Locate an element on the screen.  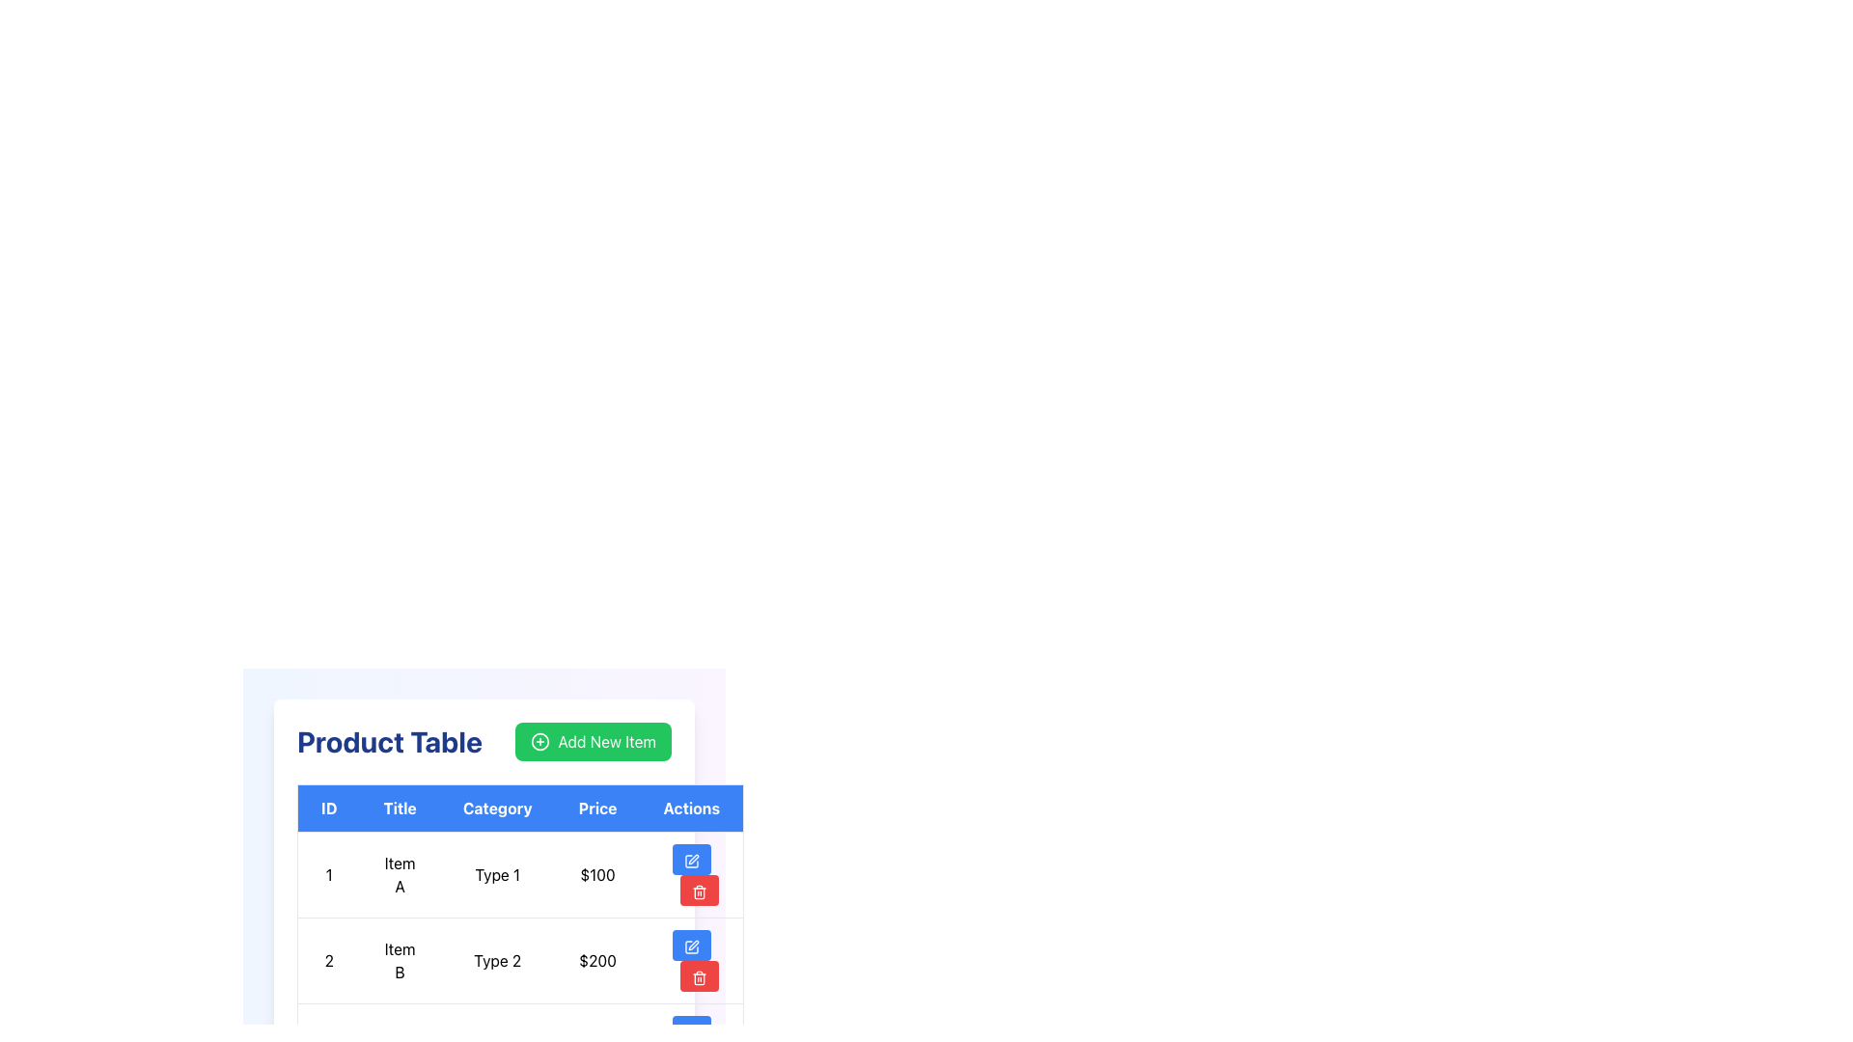
the text block displaying '$100' in the 'Price' column of the first row of the table is located at coordinates (596, 874).